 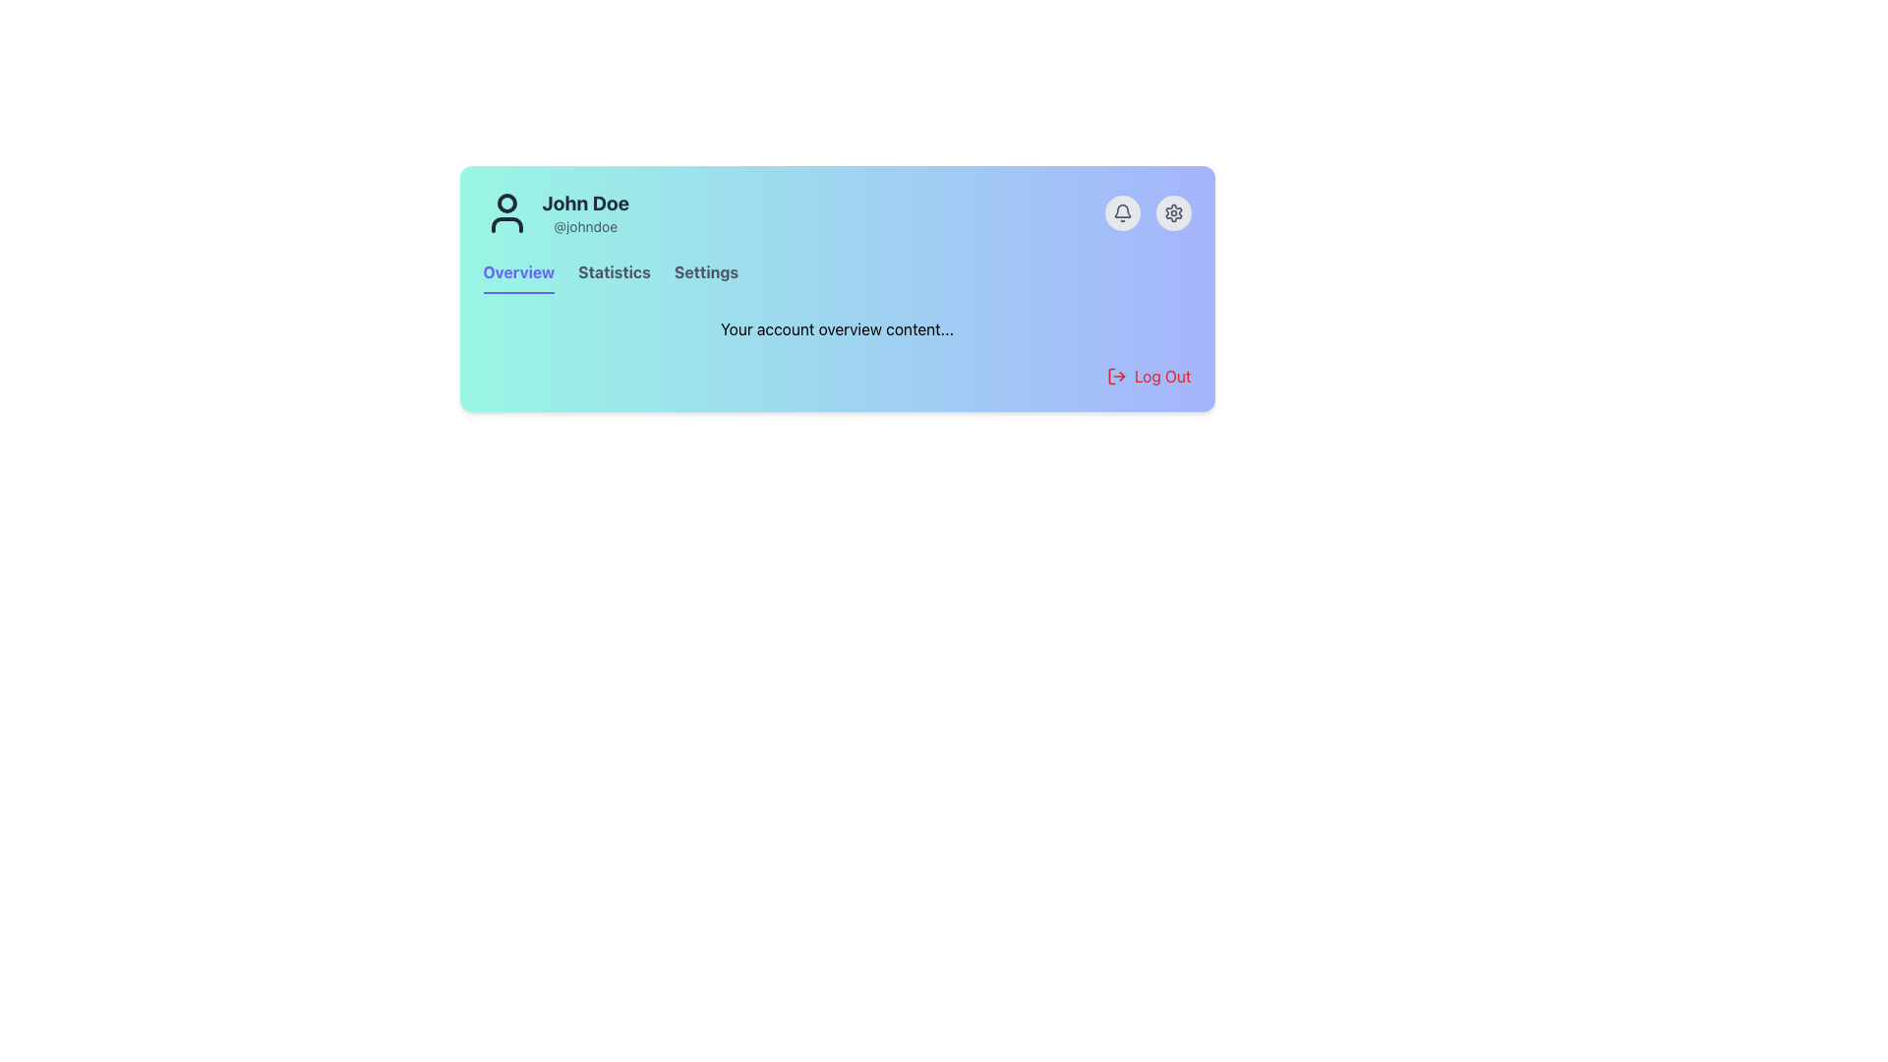 I want to click on displayed text of the Text Label that shows the user's name, which is positioned to the right of the user icon at the upper portion of the interface, so click(x=584, y=204).